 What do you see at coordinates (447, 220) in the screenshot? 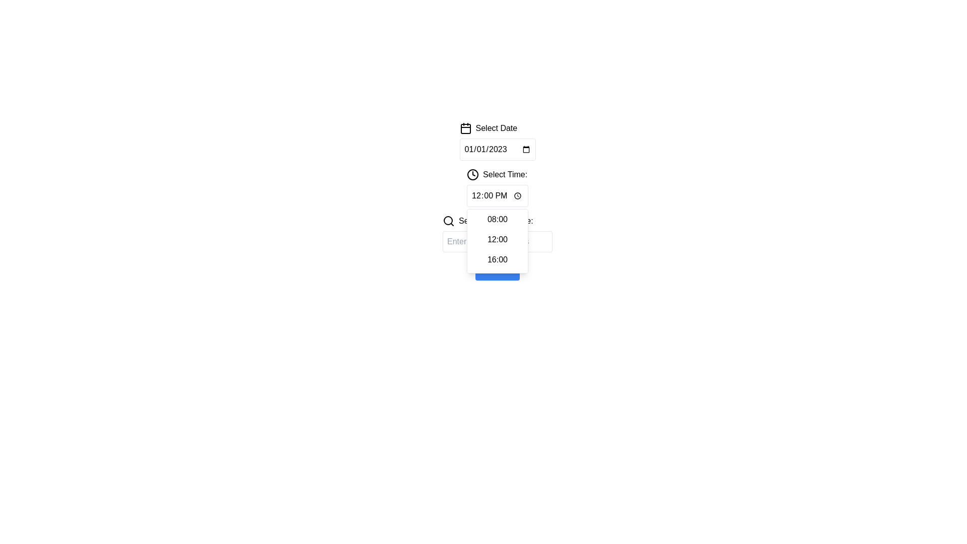
I see `the circular black outlined icon located near the horizontal search input field, which is centrally aligned with other interactive components` at bounding box center [447, 220].